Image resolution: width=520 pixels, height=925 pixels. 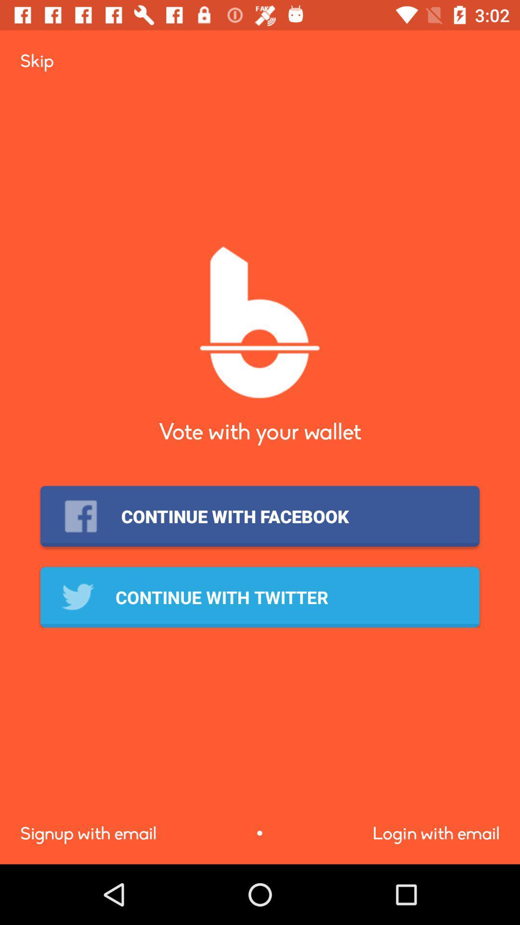 I want to click on the skip icon, so click(x=36, y=60).